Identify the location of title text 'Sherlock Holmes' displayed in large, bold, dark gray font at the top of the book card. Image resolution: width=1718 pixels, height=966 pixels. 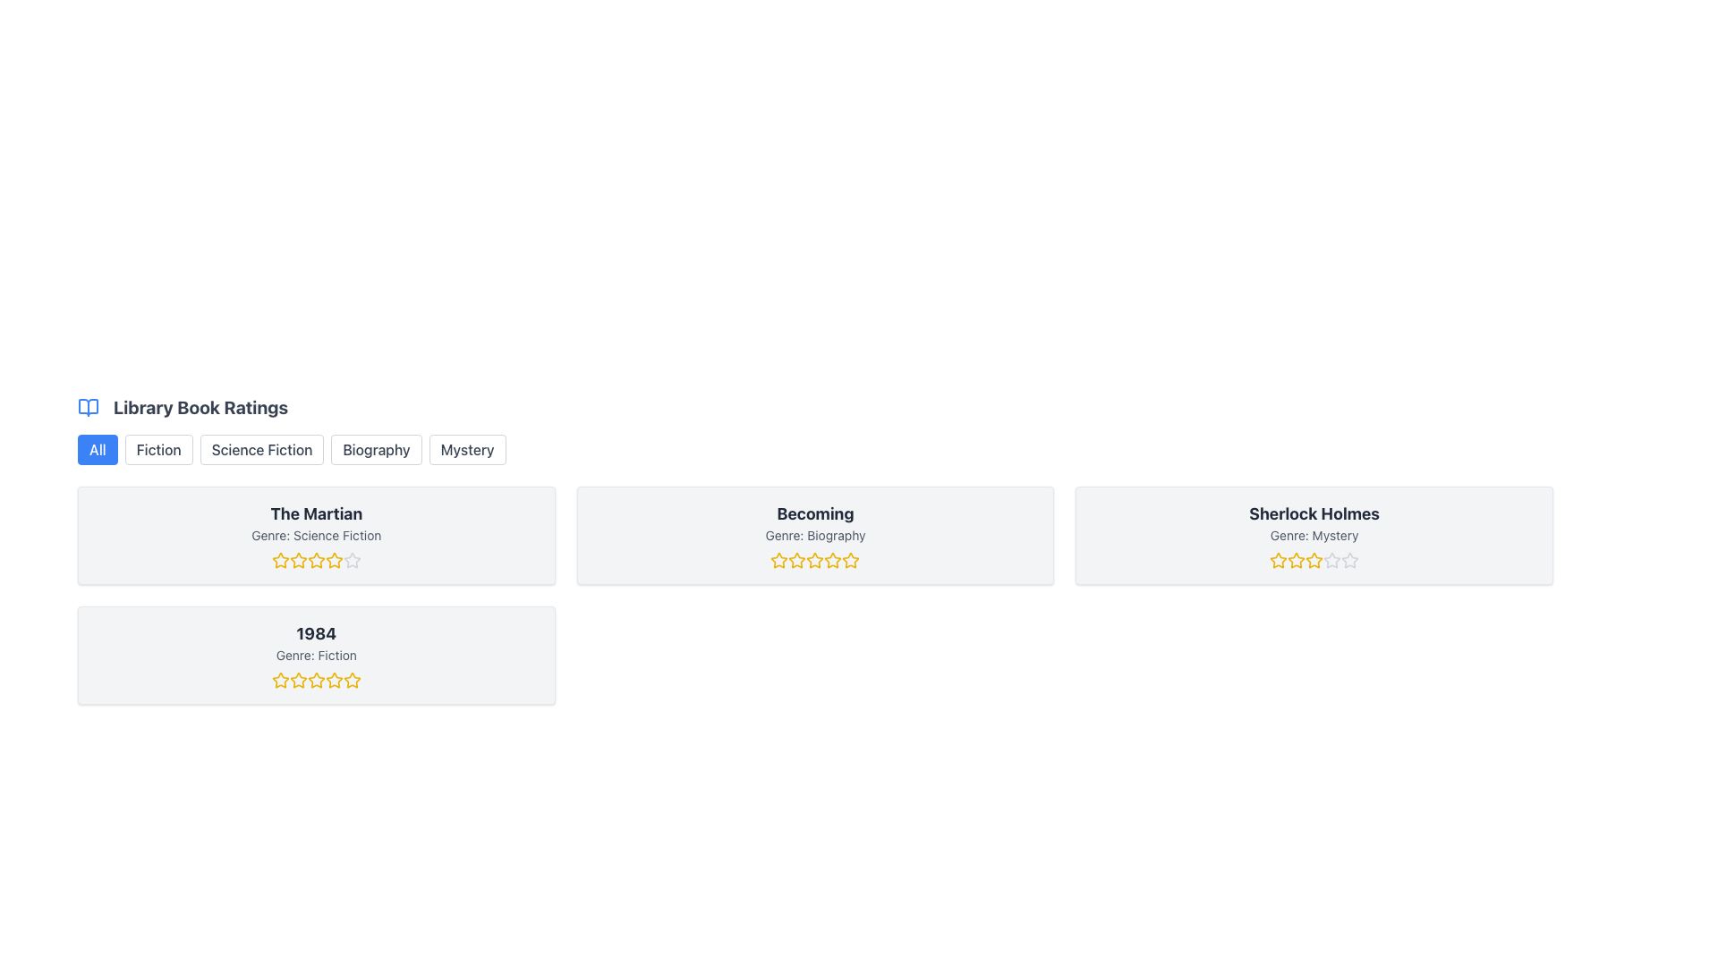
(1314, 513).